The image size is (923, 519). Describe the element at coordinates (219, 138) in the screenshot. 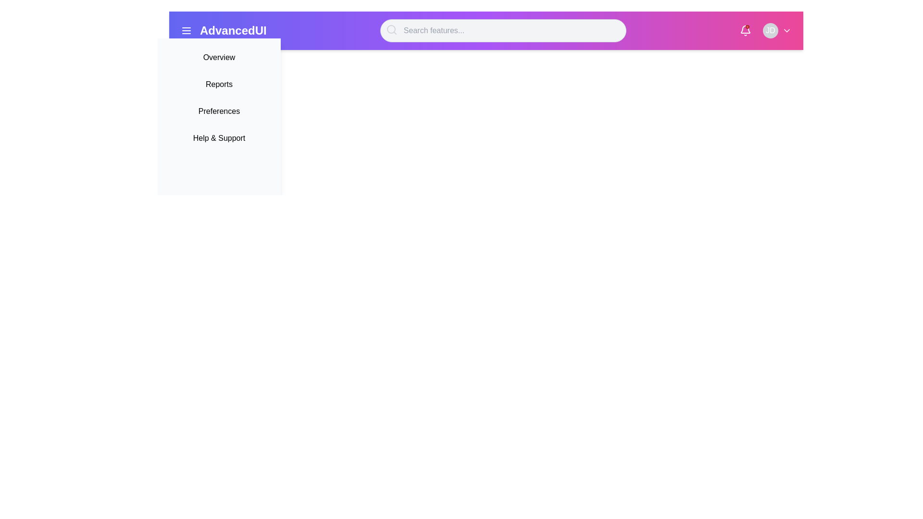

I see `the 'Help & Support' navigational link in the dropdown panel under 'AdvancedUI', which is the fourth item in the vertical menu list` at that location.